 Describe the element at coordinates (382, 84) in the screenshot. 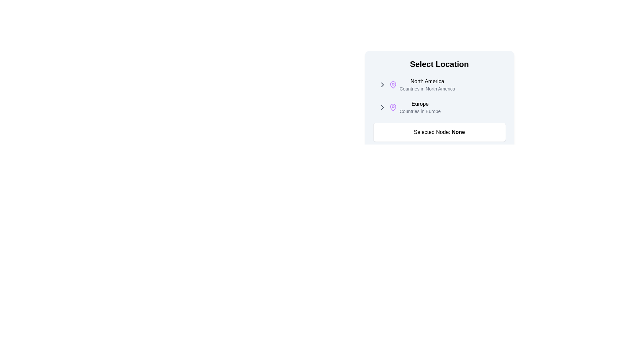

I see `the right-facing chevron icon located to the left of the 'North America' text` at that location.